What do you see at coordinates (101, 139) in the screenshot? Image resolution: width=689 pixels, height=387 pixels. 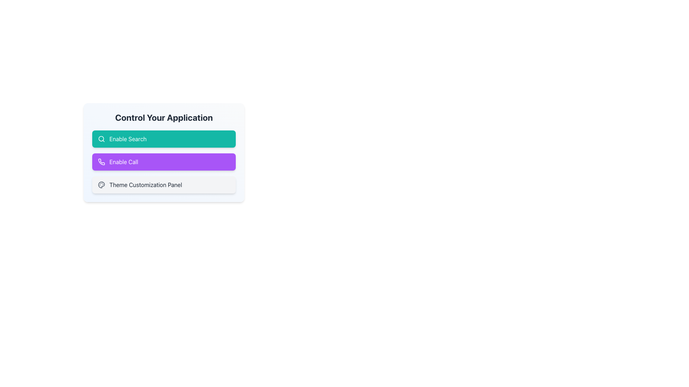 I see `the magnifying glass icon representing the search function, located adjacent to the text 'Enable Search'` at bounding box center [101, 139].